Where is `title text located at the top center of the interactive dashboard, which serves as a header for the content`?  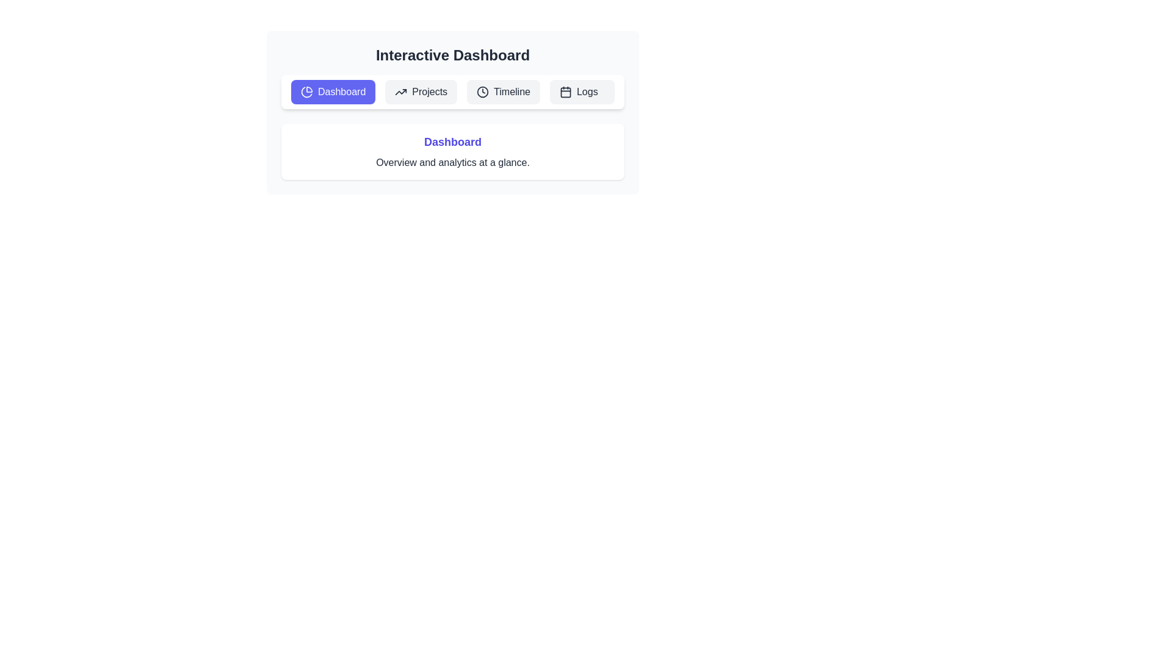
title text located at the top center of the interactive dashboard, which serves as a header for the content is located at coordinates (452, 56).